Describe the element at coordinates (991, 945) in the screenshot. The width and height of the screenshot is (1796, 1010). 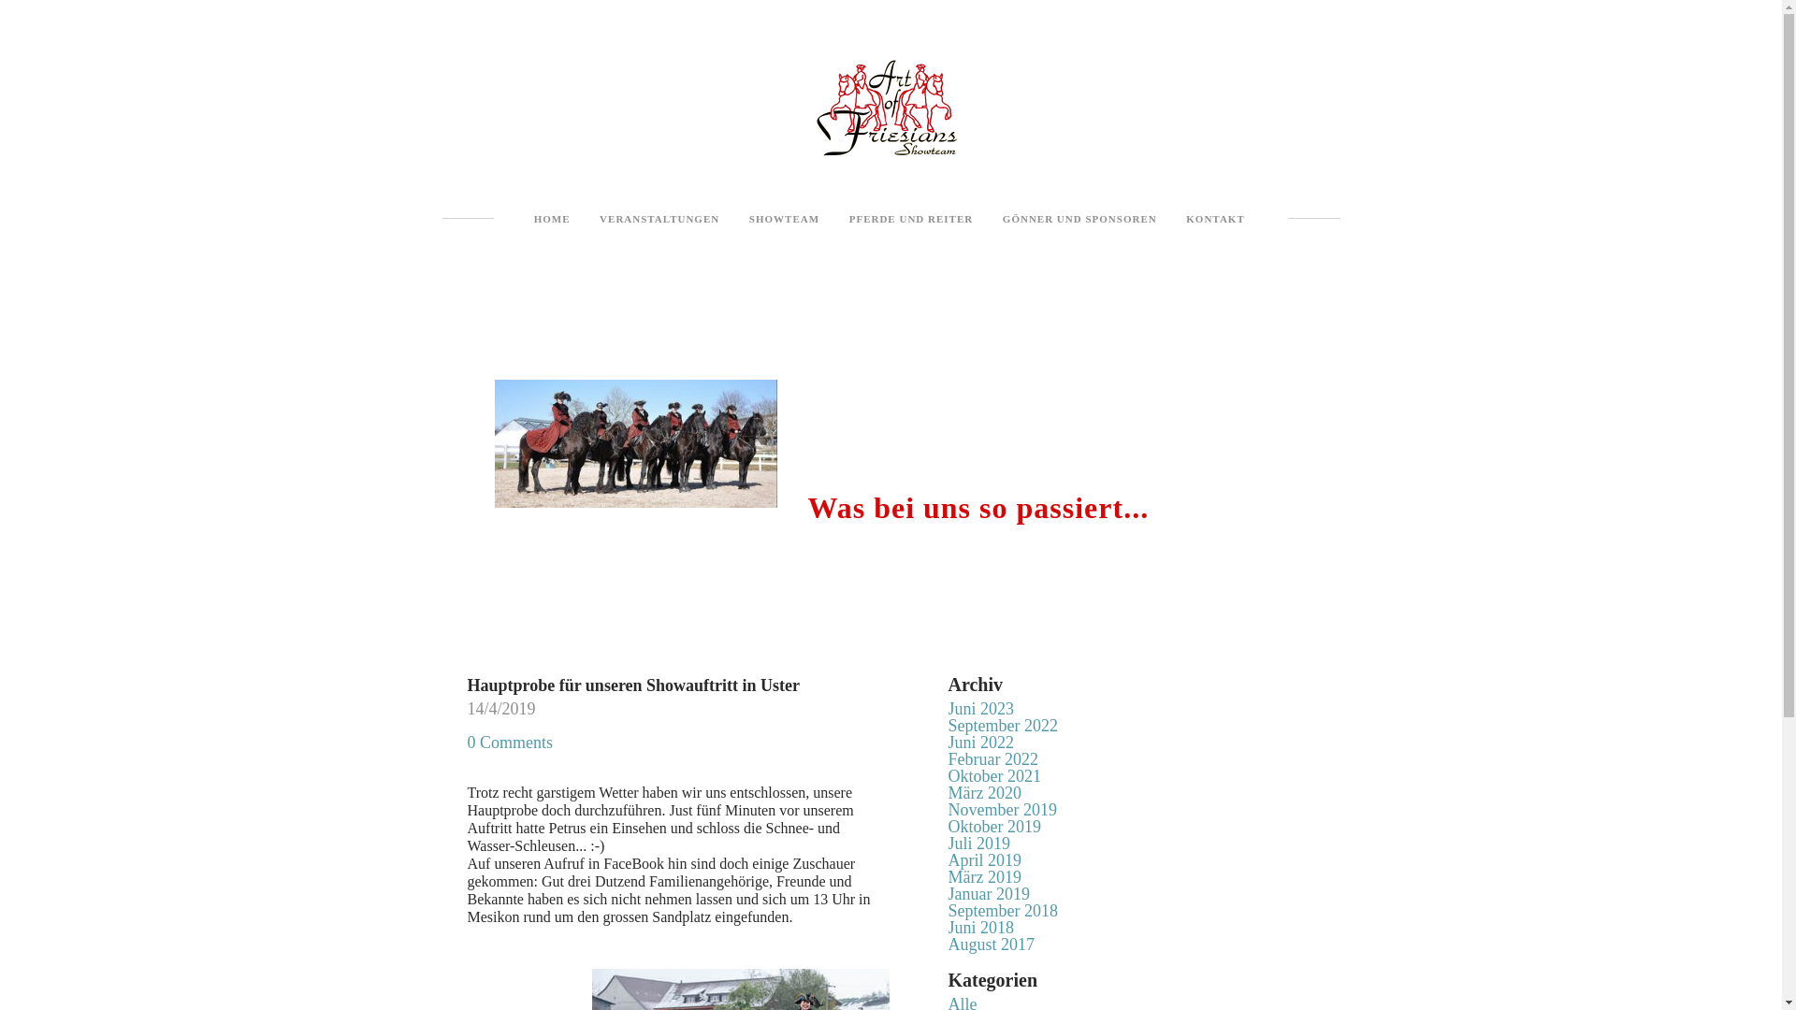
I see `'August 2017'` at that location.